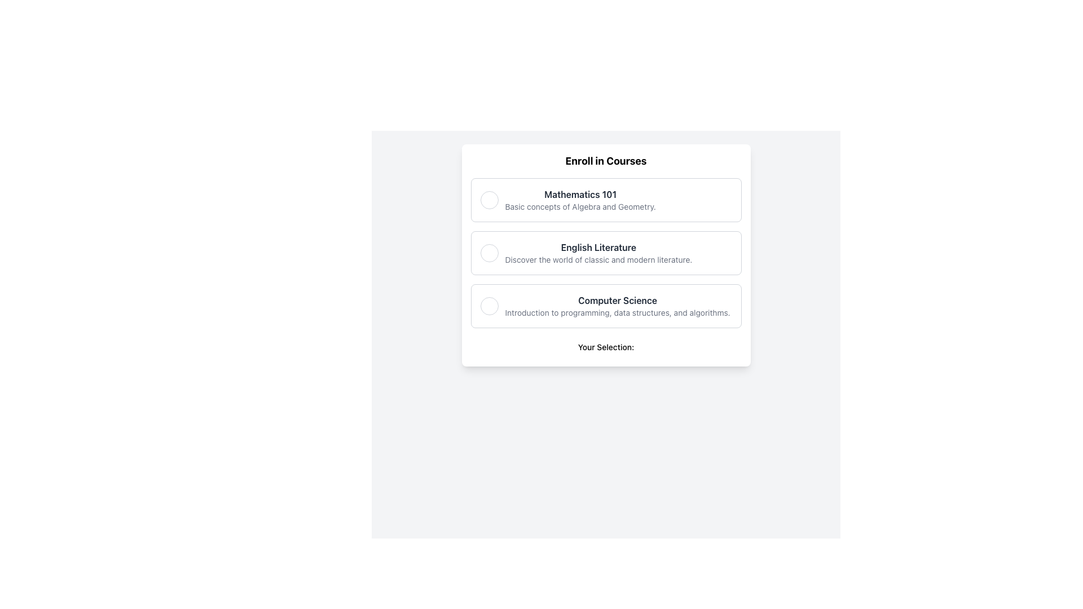 This screenshot has width=1083, height=609. Describe the element at coordinates (489, 306) in the screenshot. I see `on the Circle selection indicator located` at that location.